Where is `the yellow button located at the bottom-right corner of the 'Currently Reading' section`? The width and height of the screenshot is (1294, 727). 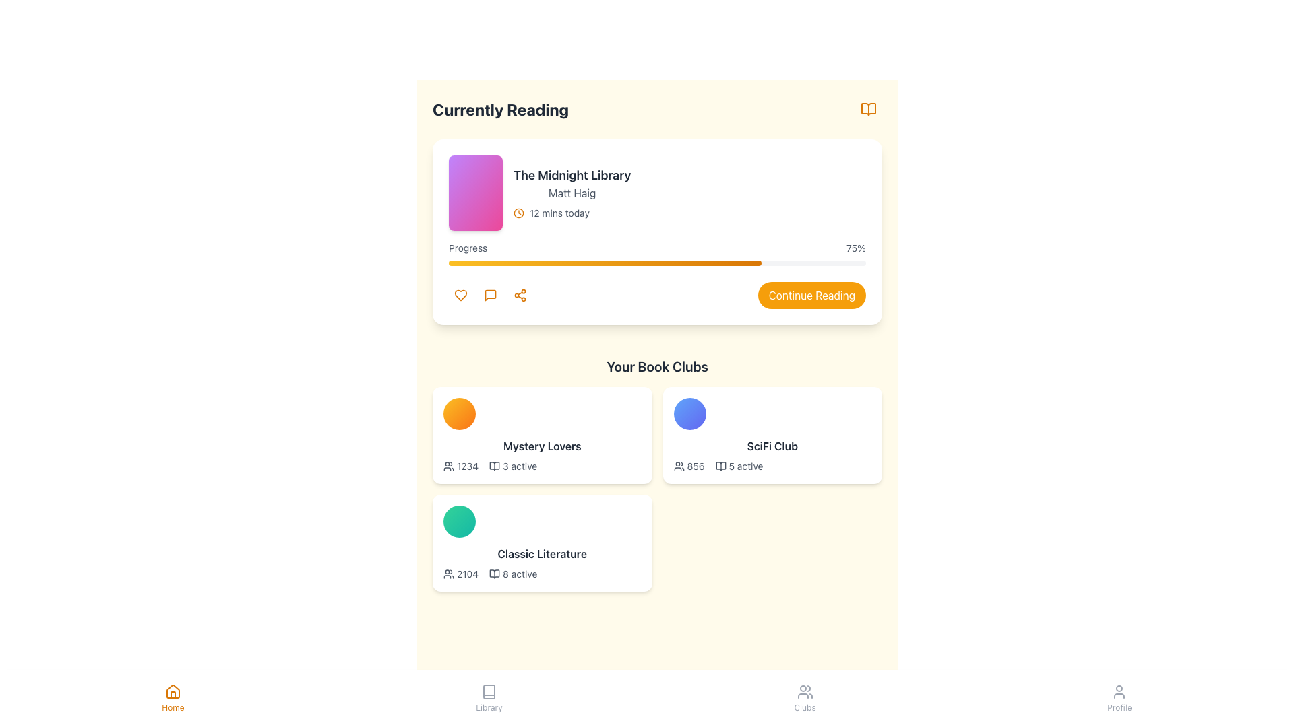 the yellow button located at the bottom-right corner of the 'Currently Reading' section is located at coordinates (811, 295).